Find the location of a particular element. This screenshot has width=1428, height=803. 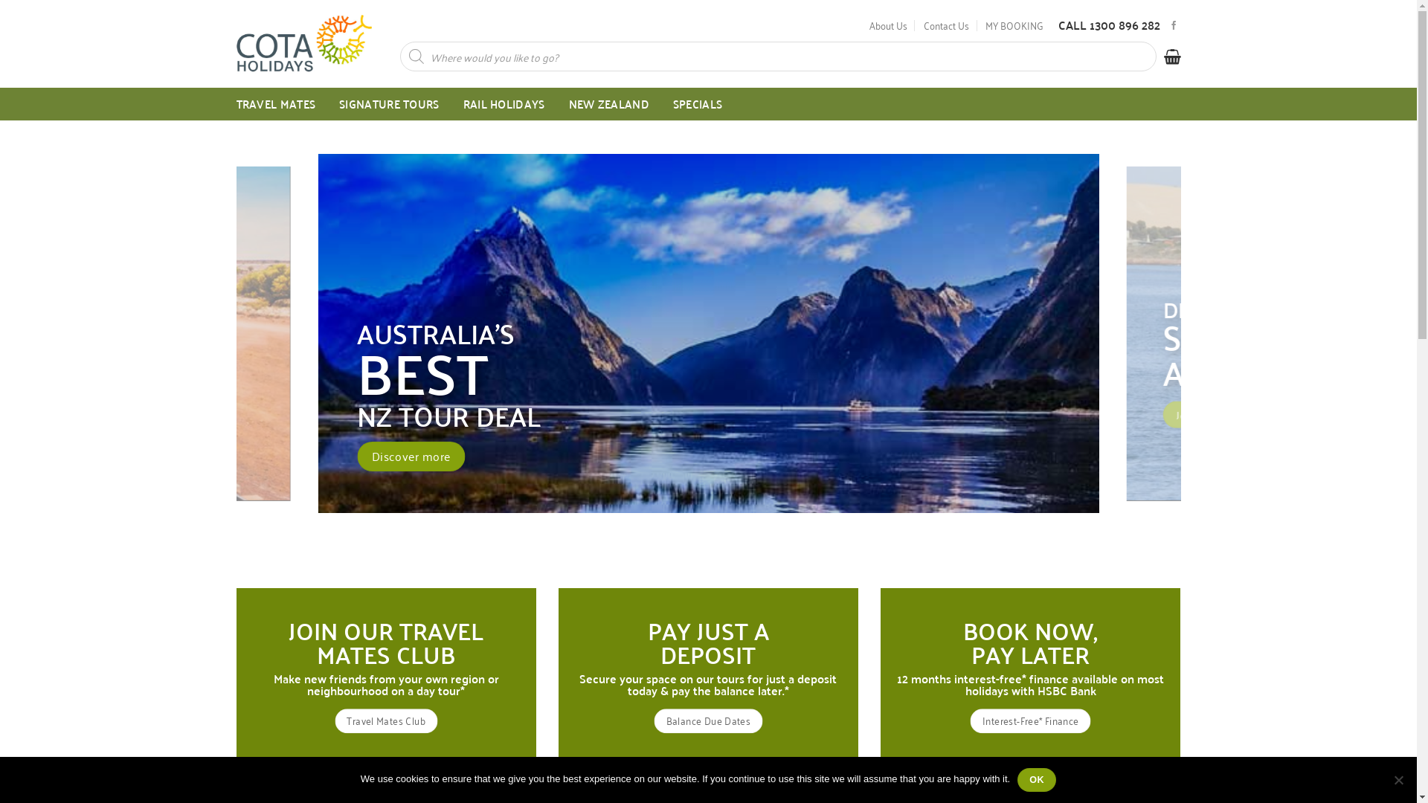

'SPECIALS' is located at coordinates (696, 103).